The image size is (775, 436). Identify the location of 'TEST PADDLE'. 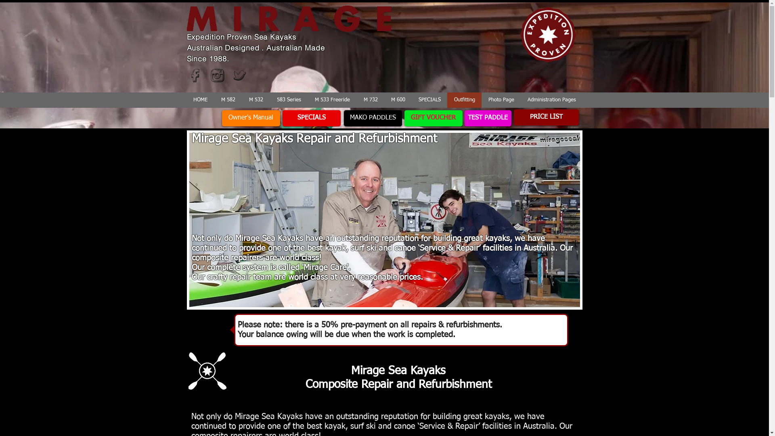
(487, 118).